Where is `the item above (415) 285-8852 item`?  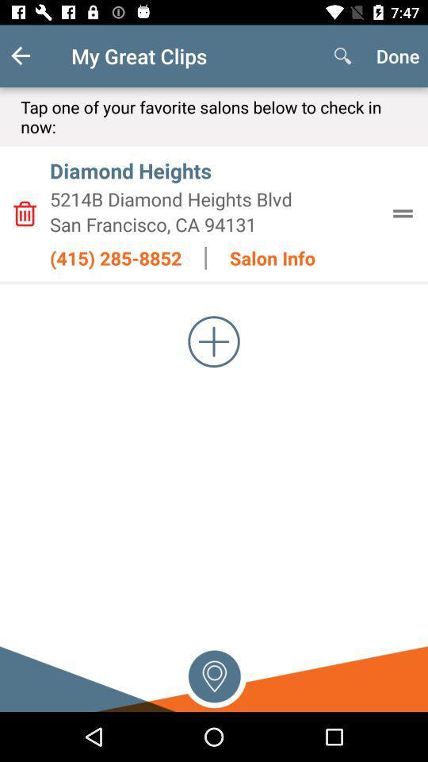 the item above (415) 285-8852 item is located at coordinates (214, 223).